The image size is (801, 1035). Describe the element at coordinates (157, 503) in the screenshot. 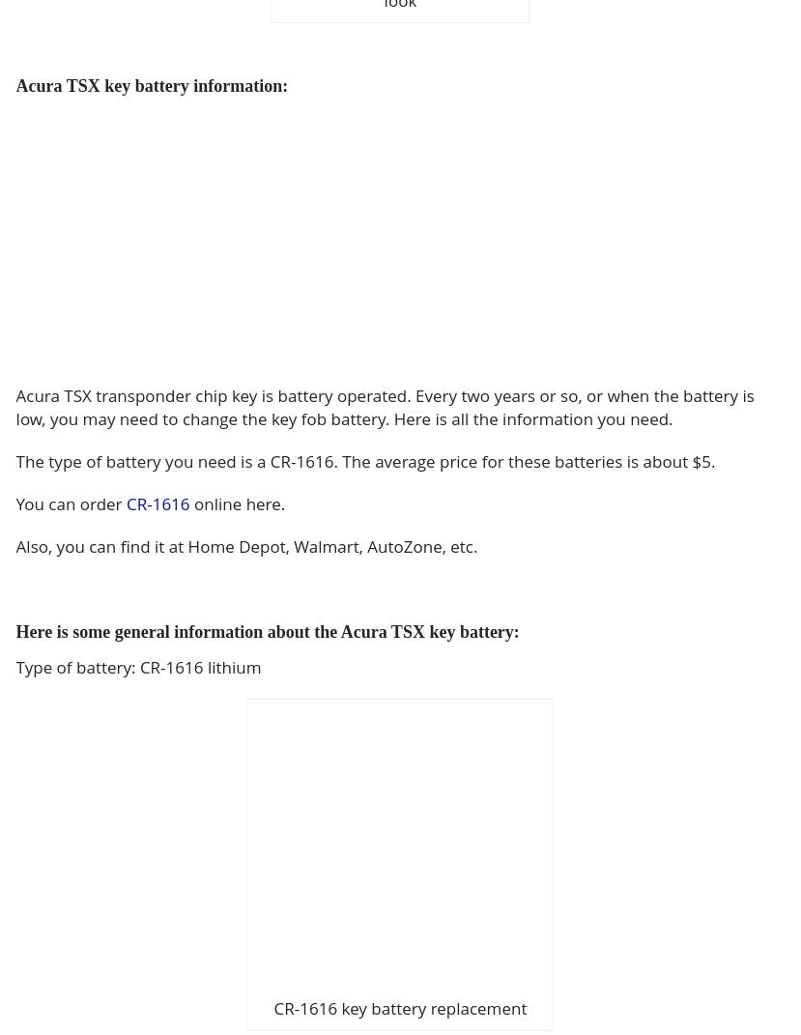

I see `'CR-1616'` at that location.